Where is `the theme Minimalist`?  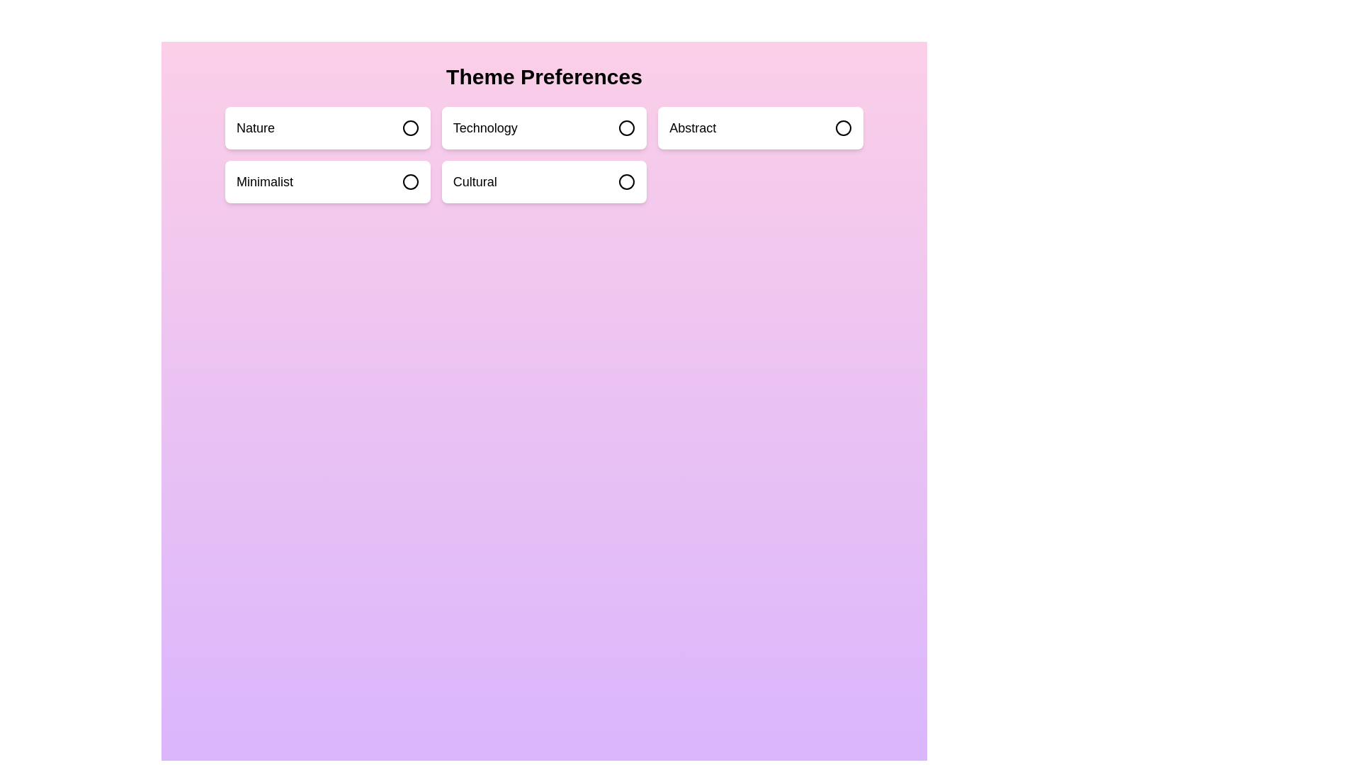
the theme Minimalist is located at coordinates (327, 181).